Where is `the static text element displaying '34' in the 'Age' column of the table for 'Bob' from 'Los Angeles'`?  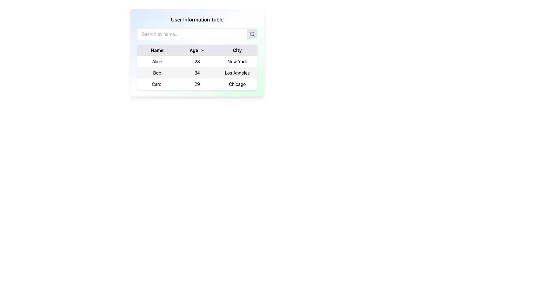 the static text element displaying '34' in the 'Age' column of the table for 'Bob' from 'Los Angeles' is located at coordinates (197, 73).